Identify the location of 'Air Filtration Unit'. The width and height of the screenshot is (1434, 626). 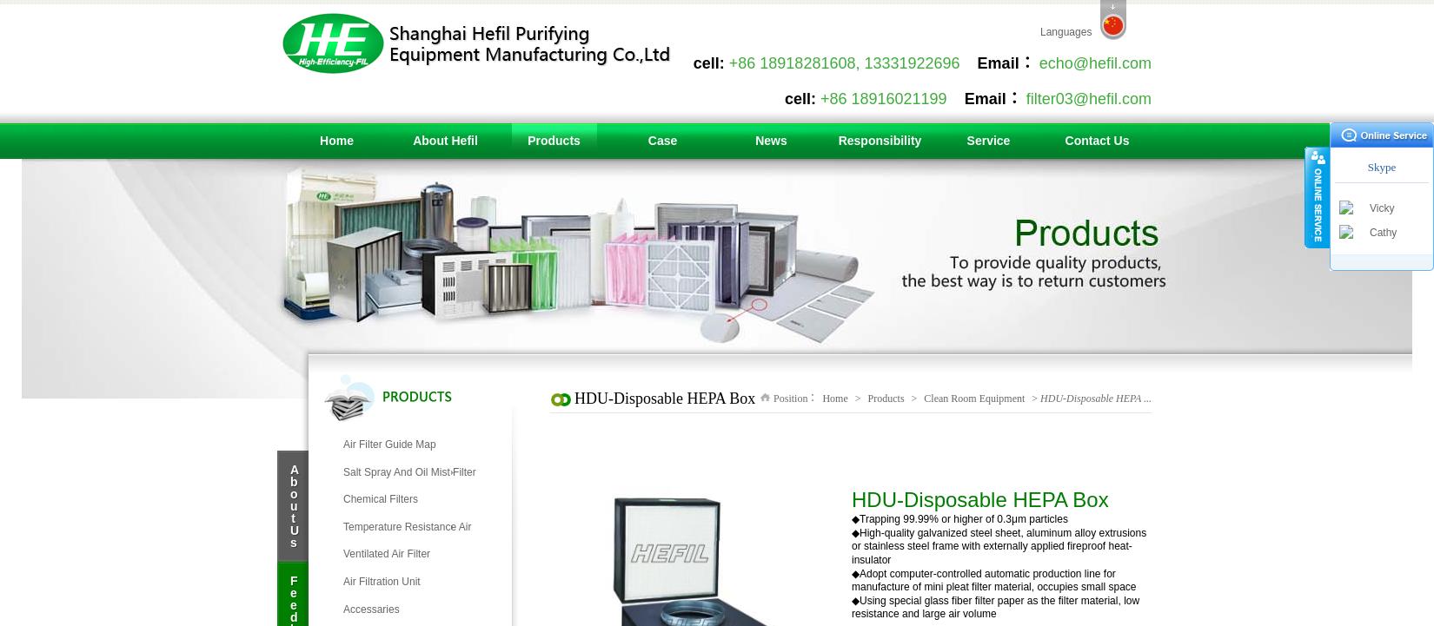
(381, 581).